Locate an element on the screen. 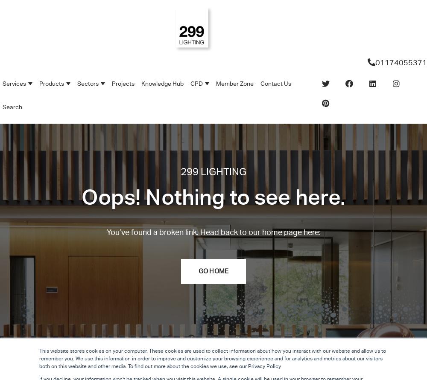 This screenshot has width=427, height=380. 'Oops! Nothing to see here.' is located at coordinates (213, 196).